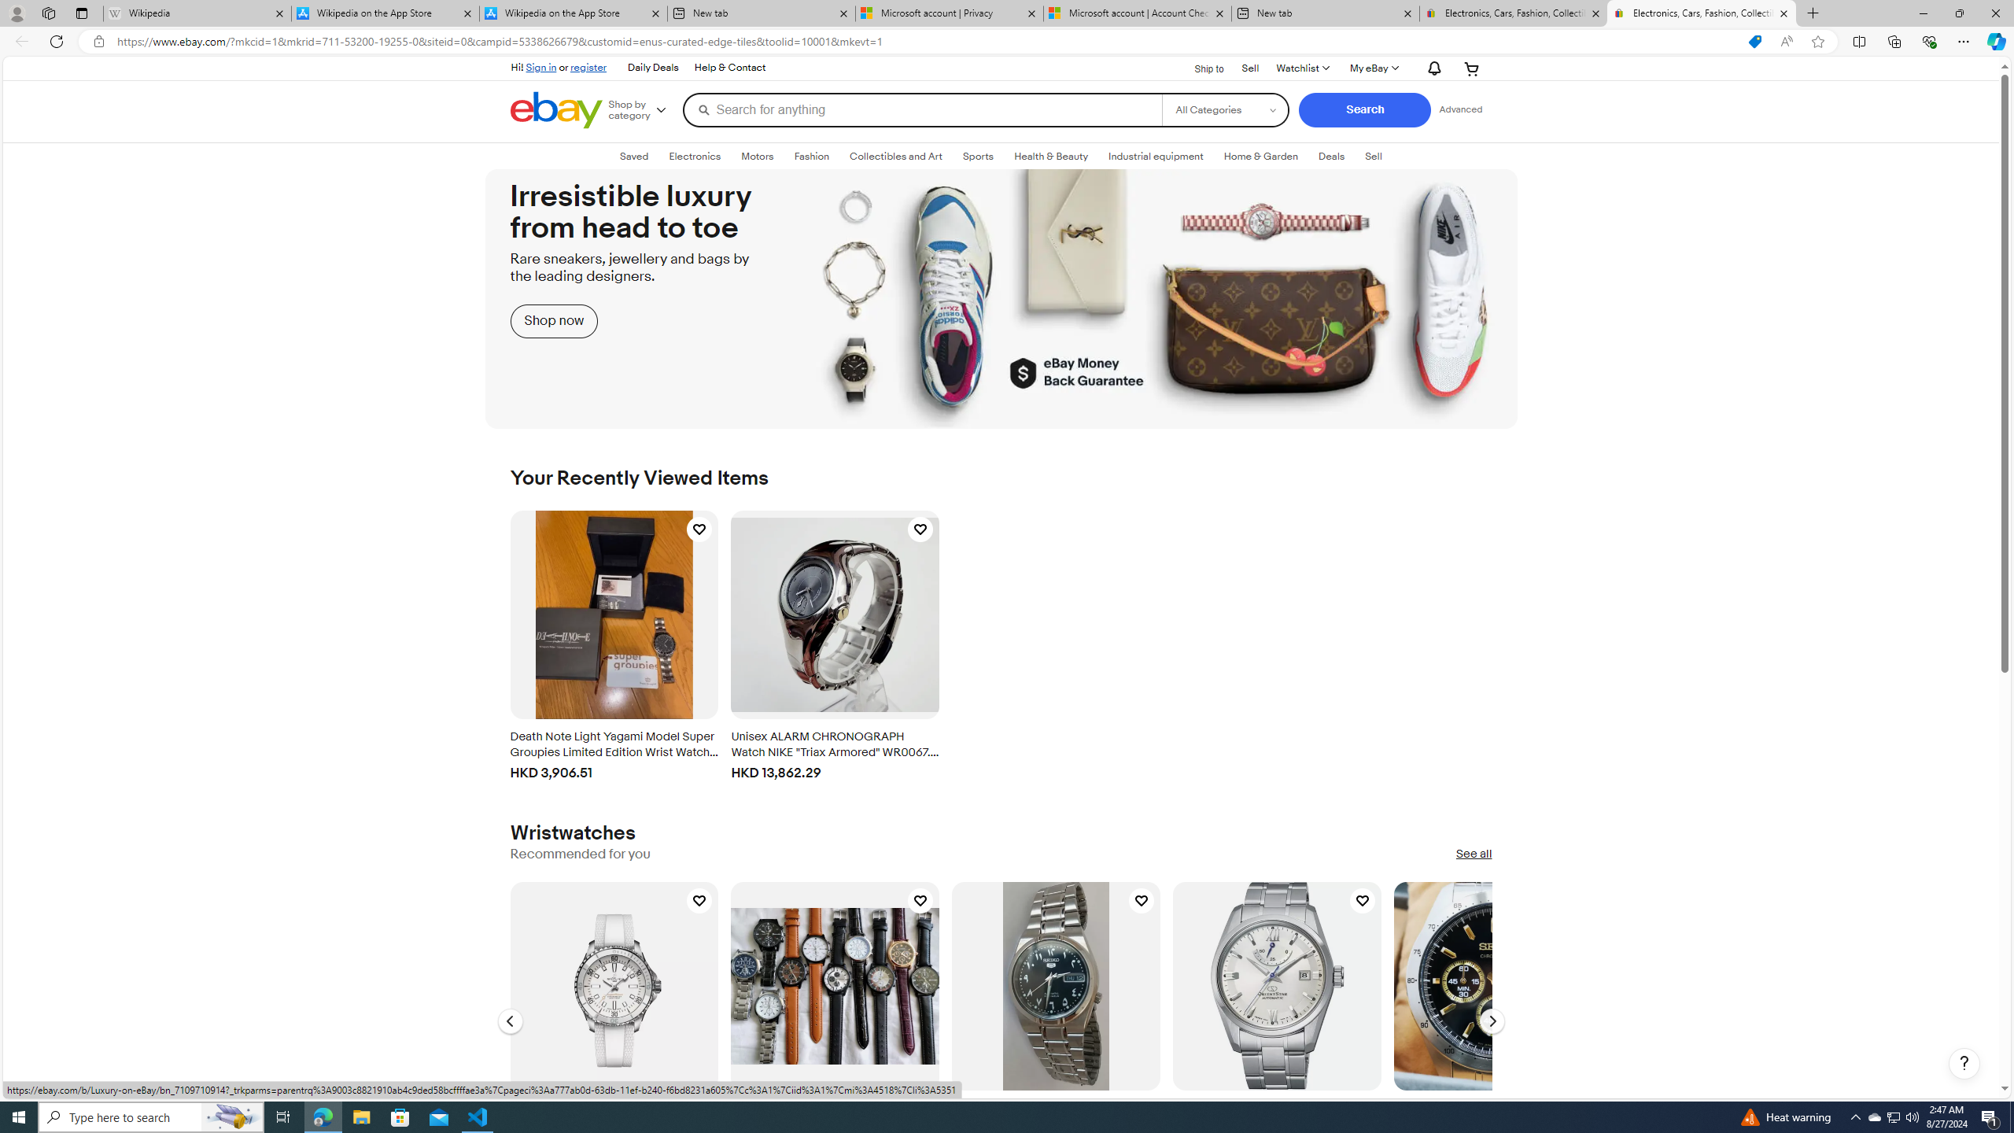 The image size is (2014, 1133). I want to click on 'Daily Deals', so click(652, 68).